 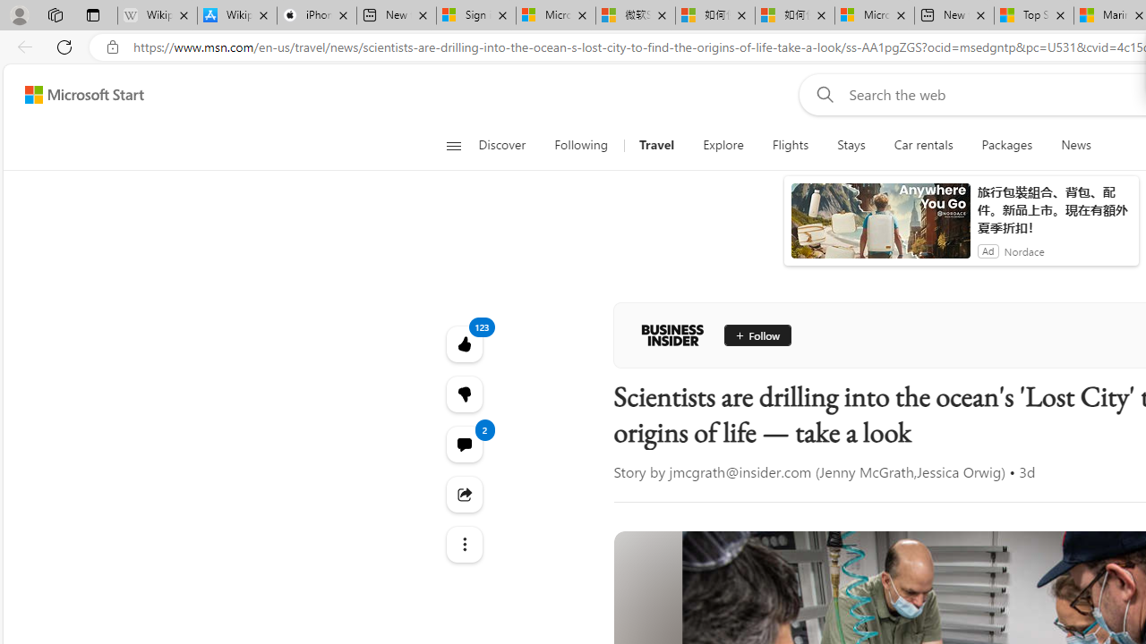 What do you see at coordinates (723, 145) in the screenshot?
I see `'Explore'` at bounding box center [723, 145].